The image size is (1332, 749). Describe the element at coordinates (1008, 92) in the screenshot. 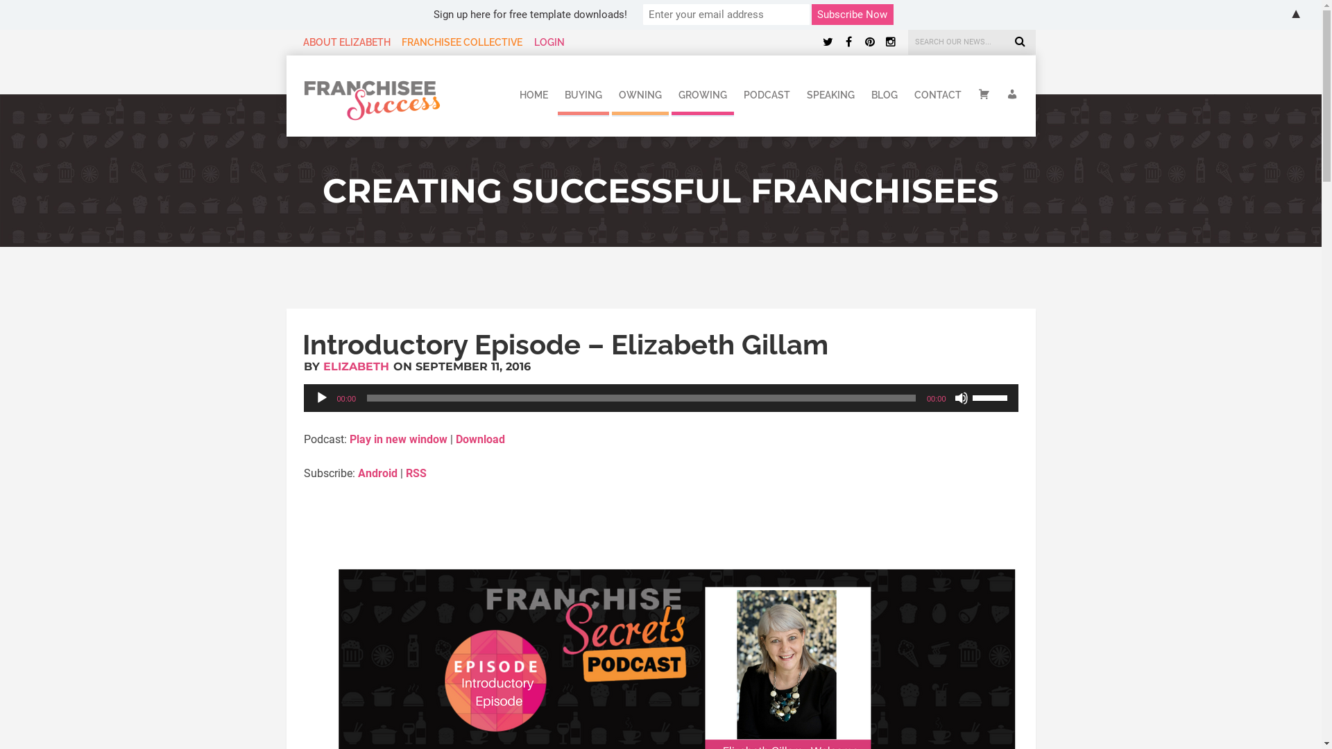

I see `'MY ACCOUNT'` at that location.